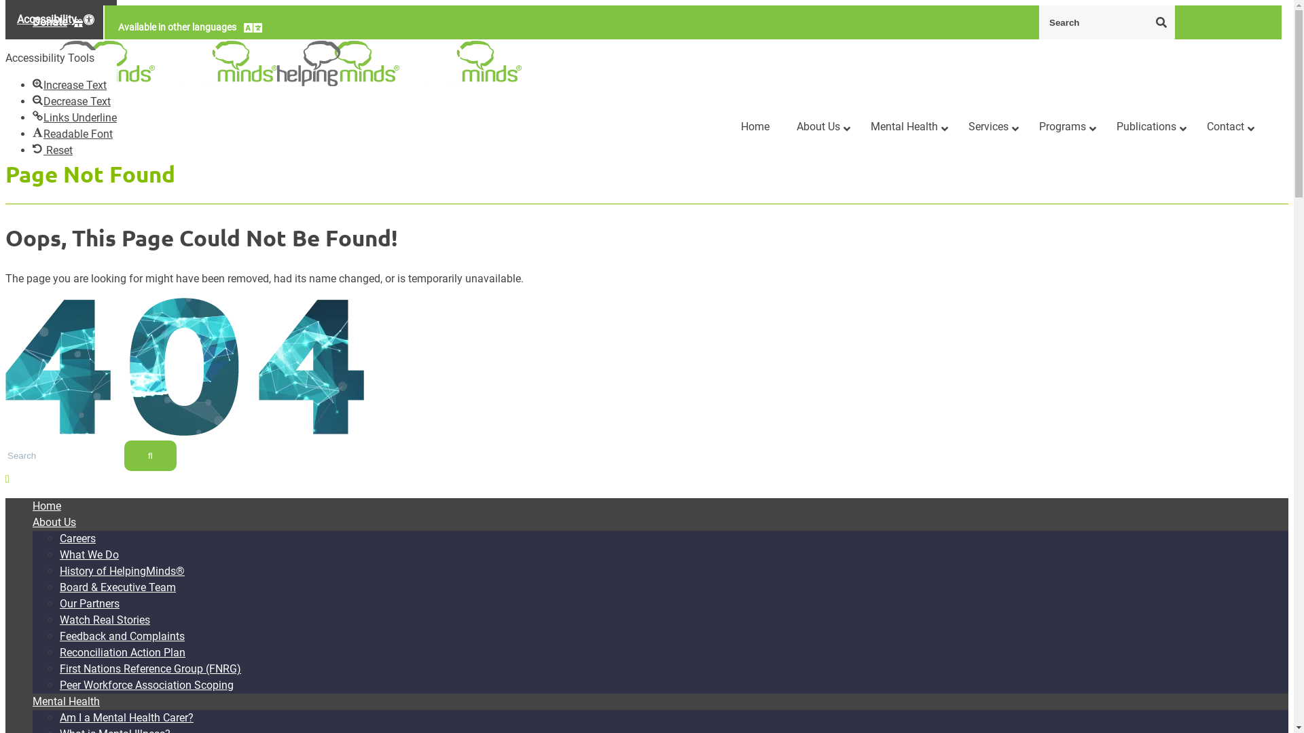 This screenshot has height=733, width=1304. I want to click on 'Home', so click(33, 506).